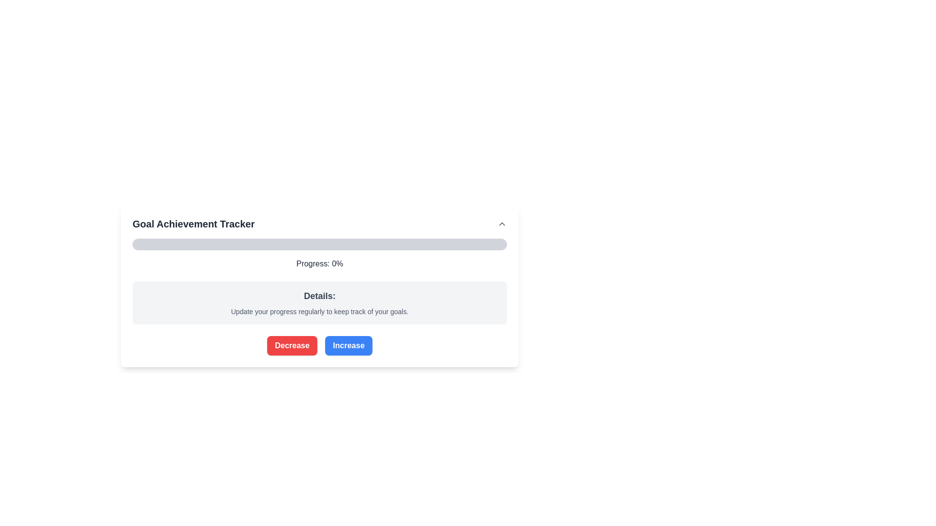 The image size is (936, 526). I want to click on the button positioned at the bottom center of the layout, directly to the left of the blue button labeled 'Increase', so click(292, 345).